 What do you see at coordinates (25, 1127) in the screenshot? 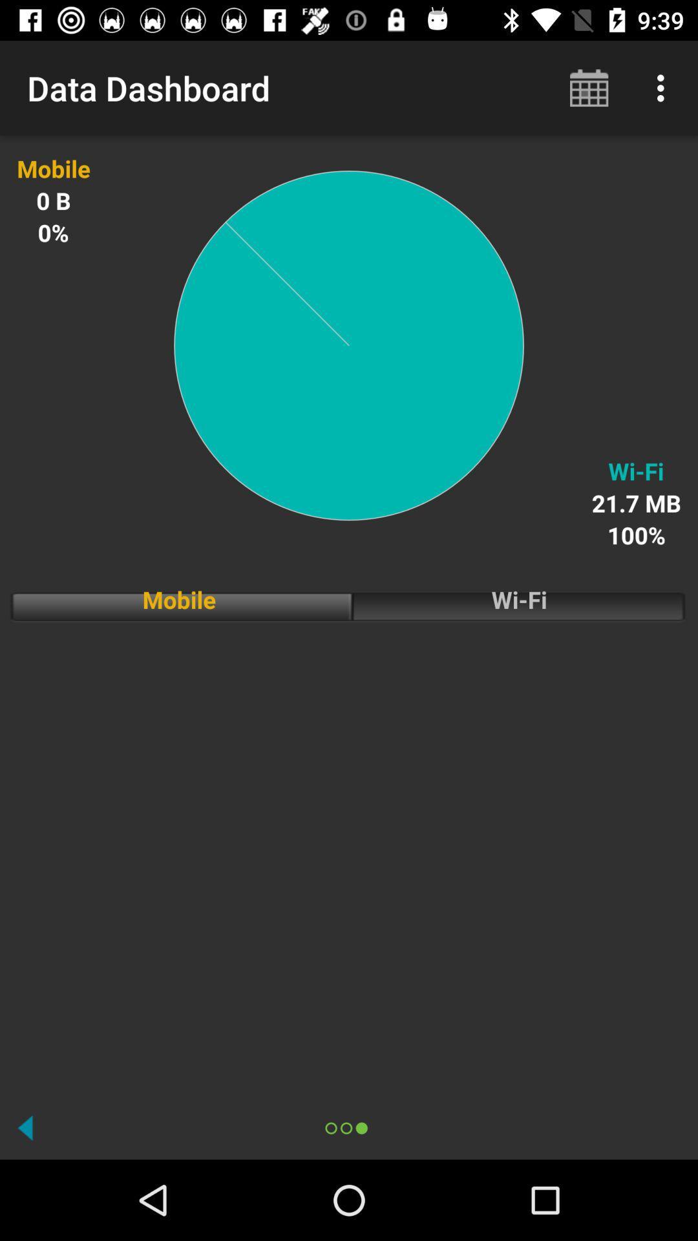
I see `go back` at bounding box center [25, 1127].